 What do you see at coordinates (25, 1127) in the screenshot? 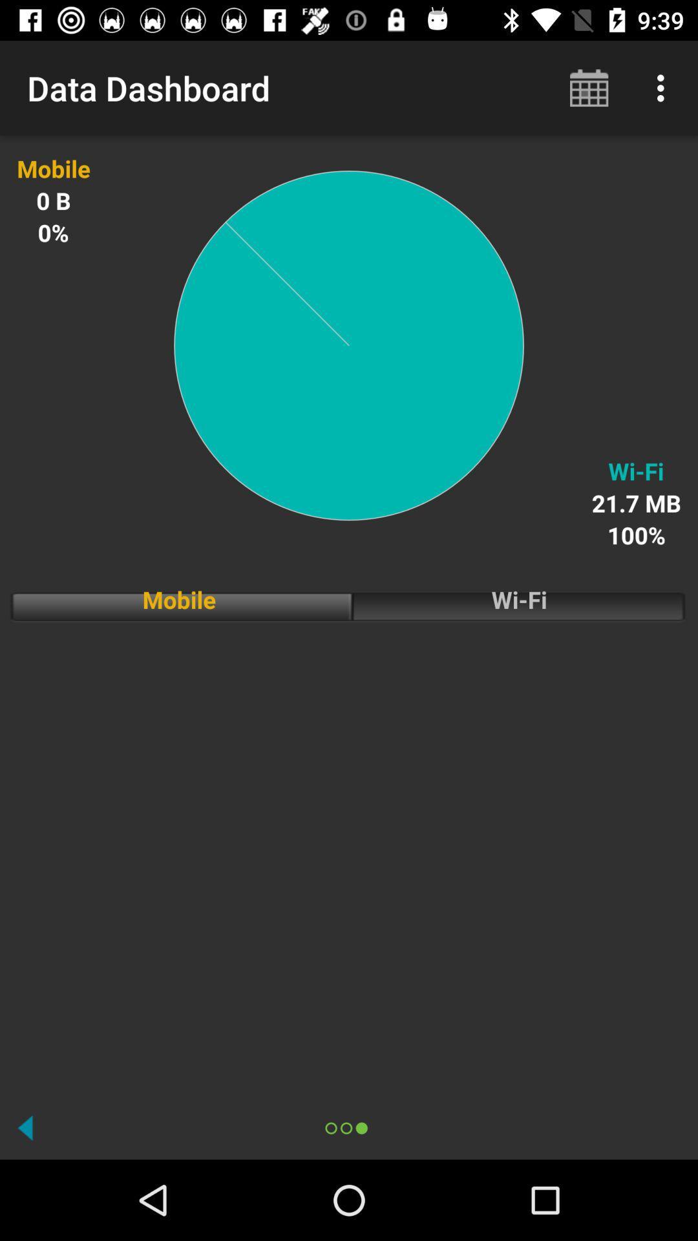
I see `go back` at bounding box center [25, 1127].